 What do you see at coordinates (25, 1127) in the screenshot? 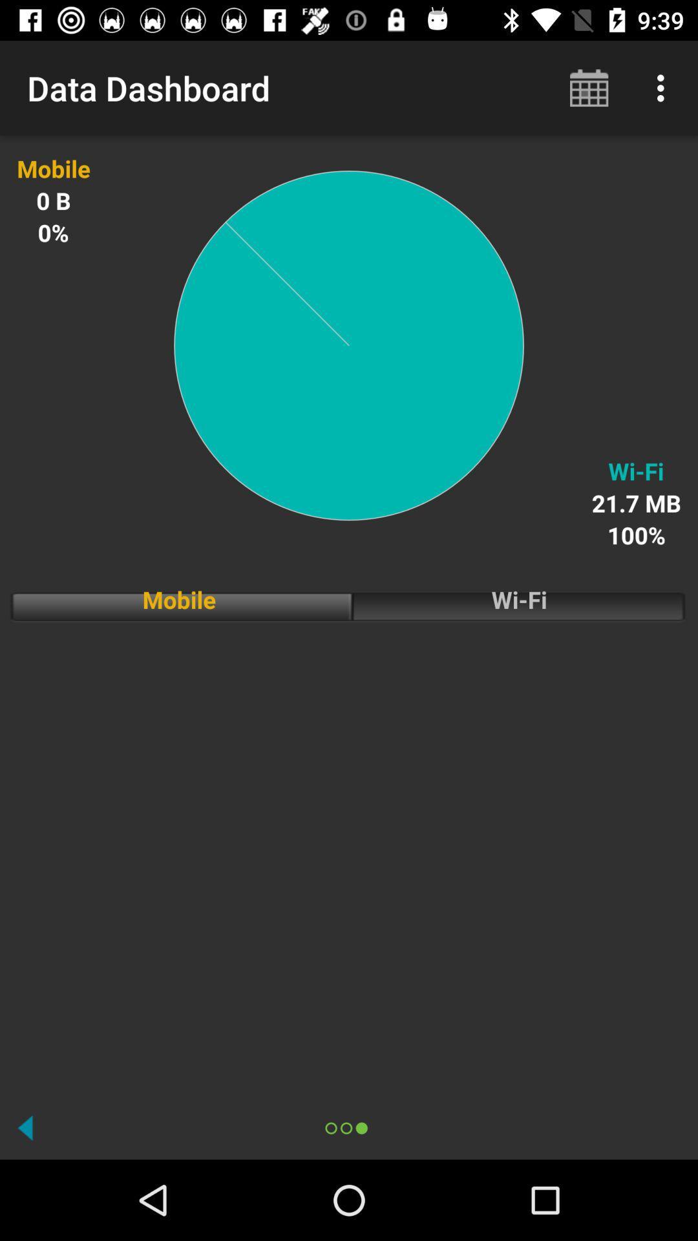
I see `go back` at bounding box center [25, 1127].